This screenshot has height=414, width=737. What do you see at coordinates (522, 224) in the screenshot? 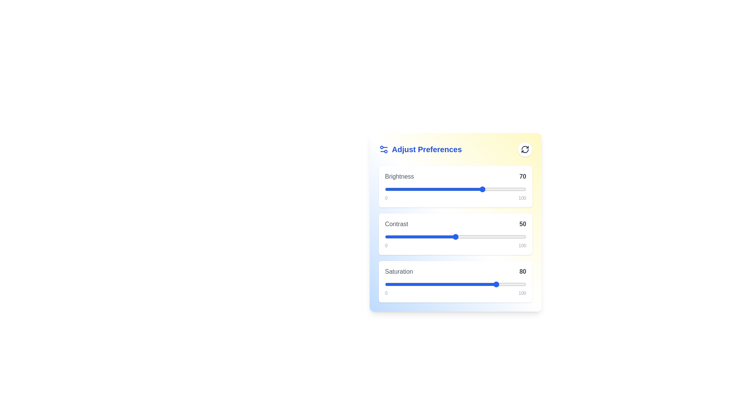
I see `numeric display label indicating the current value of the 'Contrast' setting, located towards the rightmost edge of the 'Contrast' section` at bounding box center [522, 224].